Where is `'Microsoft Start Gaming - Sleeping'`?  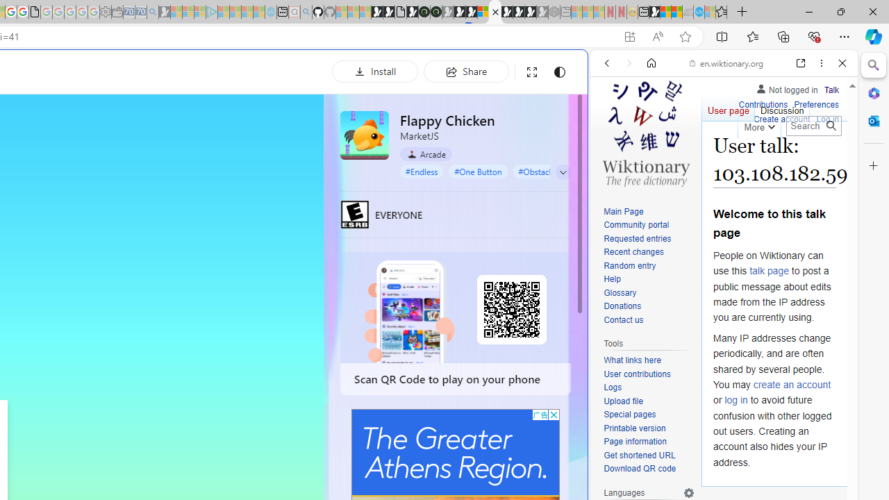
'Microsoft Start Gaming - Sleeping' is located at coordinates (164, 12).